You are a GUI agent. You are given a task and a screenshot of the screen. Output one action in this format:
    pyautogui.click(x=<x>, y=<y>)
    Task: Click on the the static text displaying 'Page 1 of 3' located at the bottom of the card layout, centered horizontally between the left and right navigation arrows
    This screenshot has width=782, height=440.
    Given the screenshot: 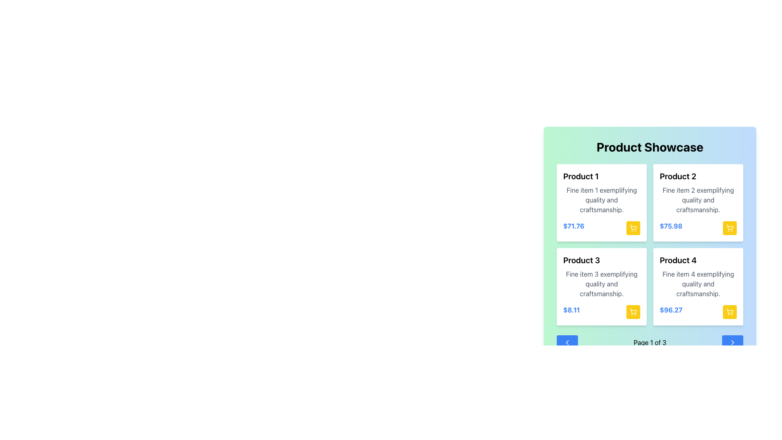 What is the action you would take?
    pyautogui.click(x=650, y=342)
    